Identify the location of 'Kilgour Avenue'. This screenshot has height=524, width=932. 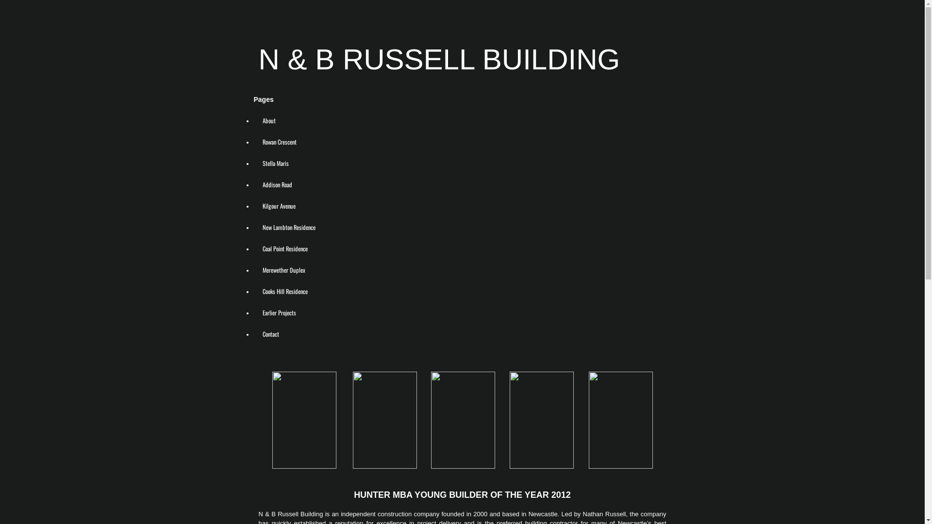
(279, 205).